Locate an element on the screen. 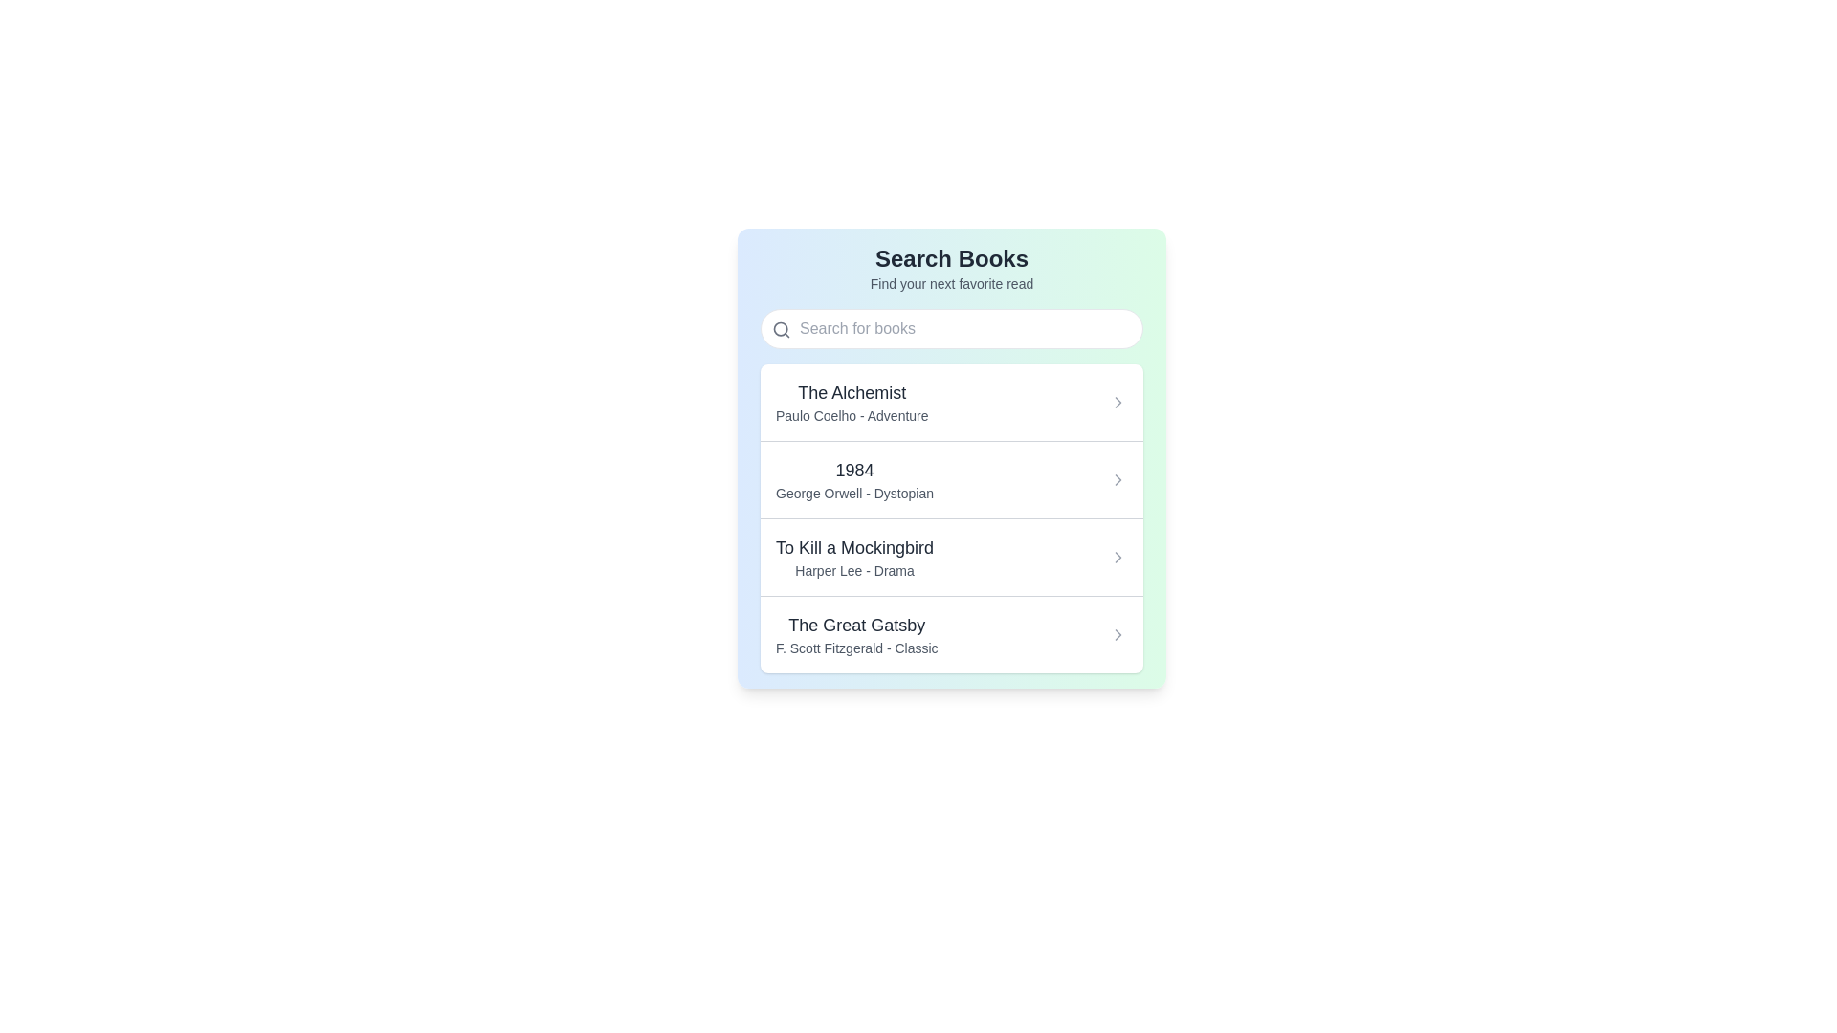 This screenshot has width=1837, height=1033. the small, right-pointing chevron icon at the far-right end of 'The Alchemist' list item is located at coordinates (1118, 401).